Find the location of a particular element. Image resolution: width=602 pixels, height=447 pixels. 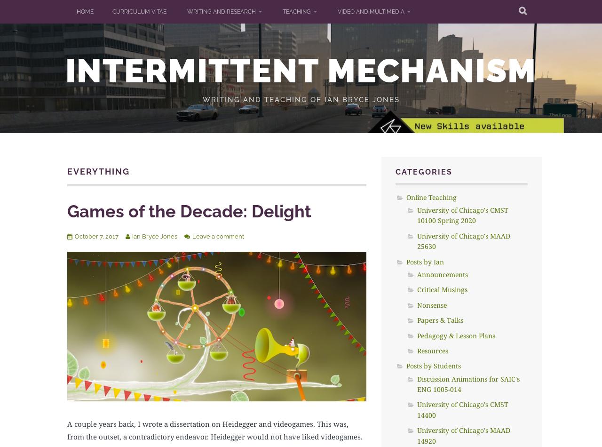

'Online Teaching' is located at coordinates (430, 196).